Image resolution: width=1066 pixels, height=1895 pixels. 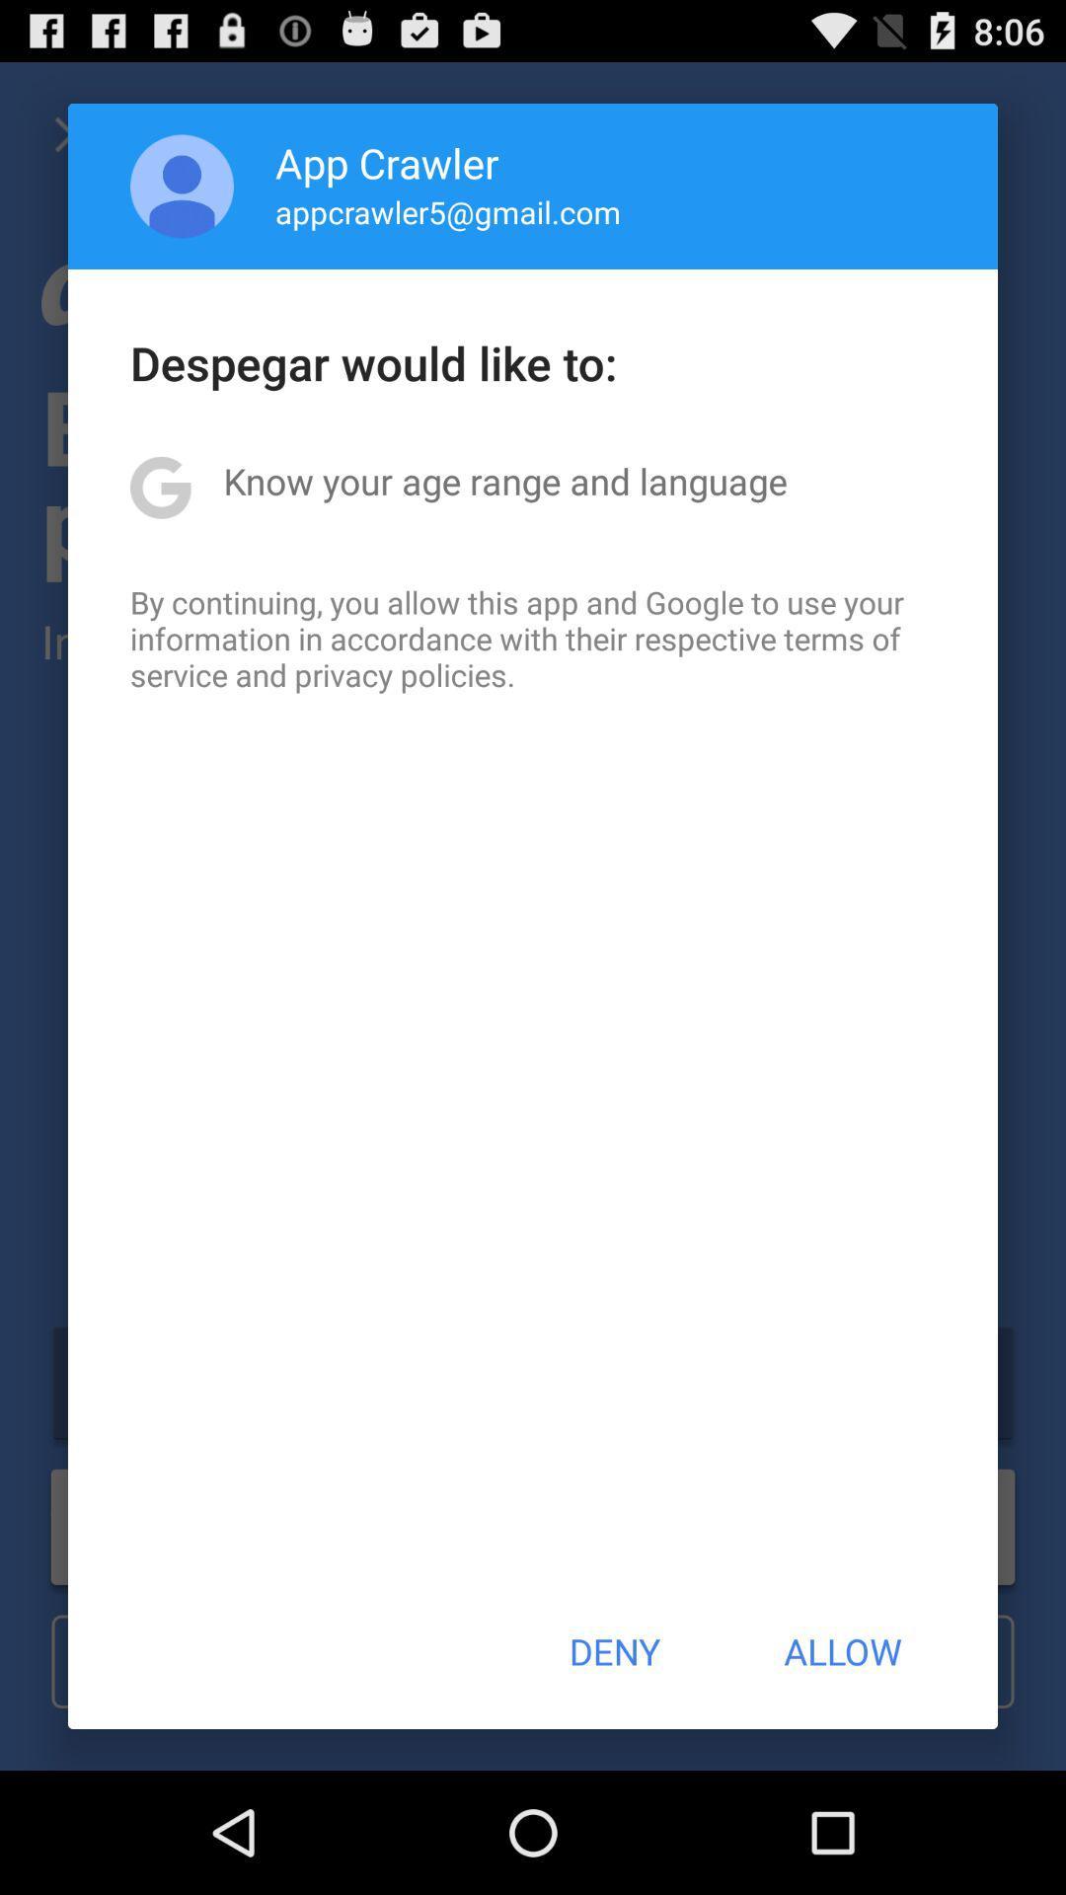 I want to click on the appcrawler5@gmail.com item, so click(x=448, y=211).